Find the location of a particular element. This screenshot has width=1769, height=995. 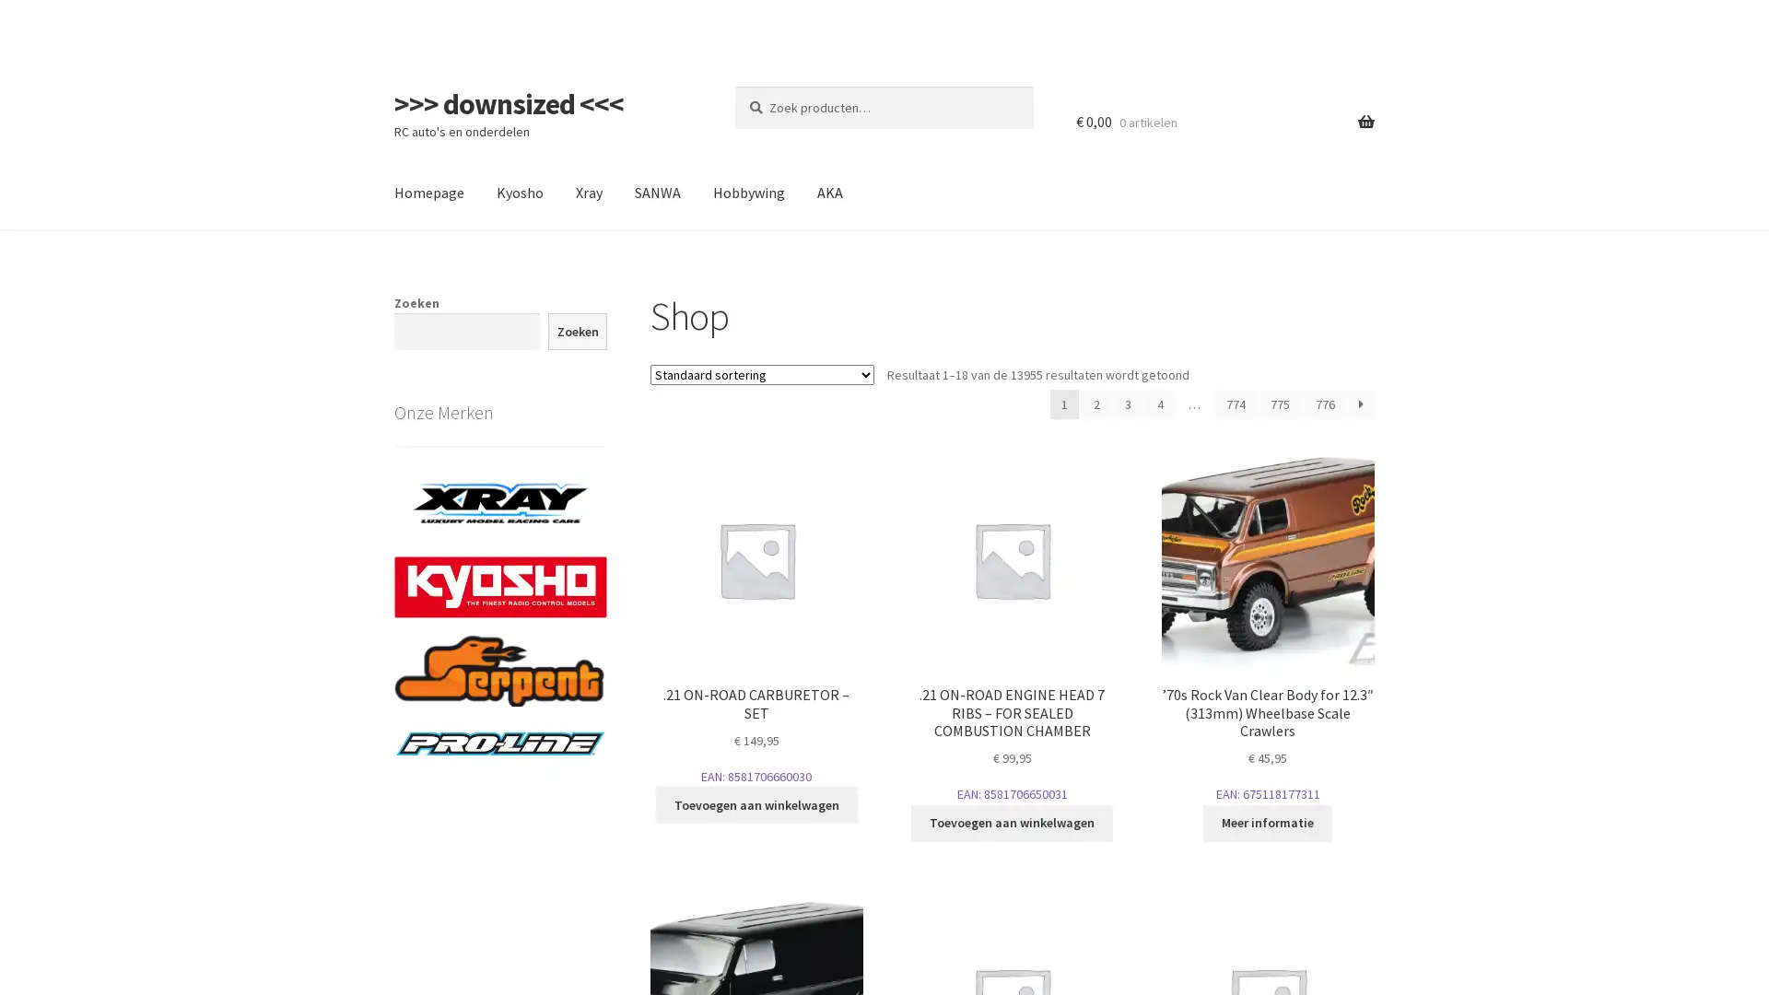

Zoeken is located at coordinates (576, 330).